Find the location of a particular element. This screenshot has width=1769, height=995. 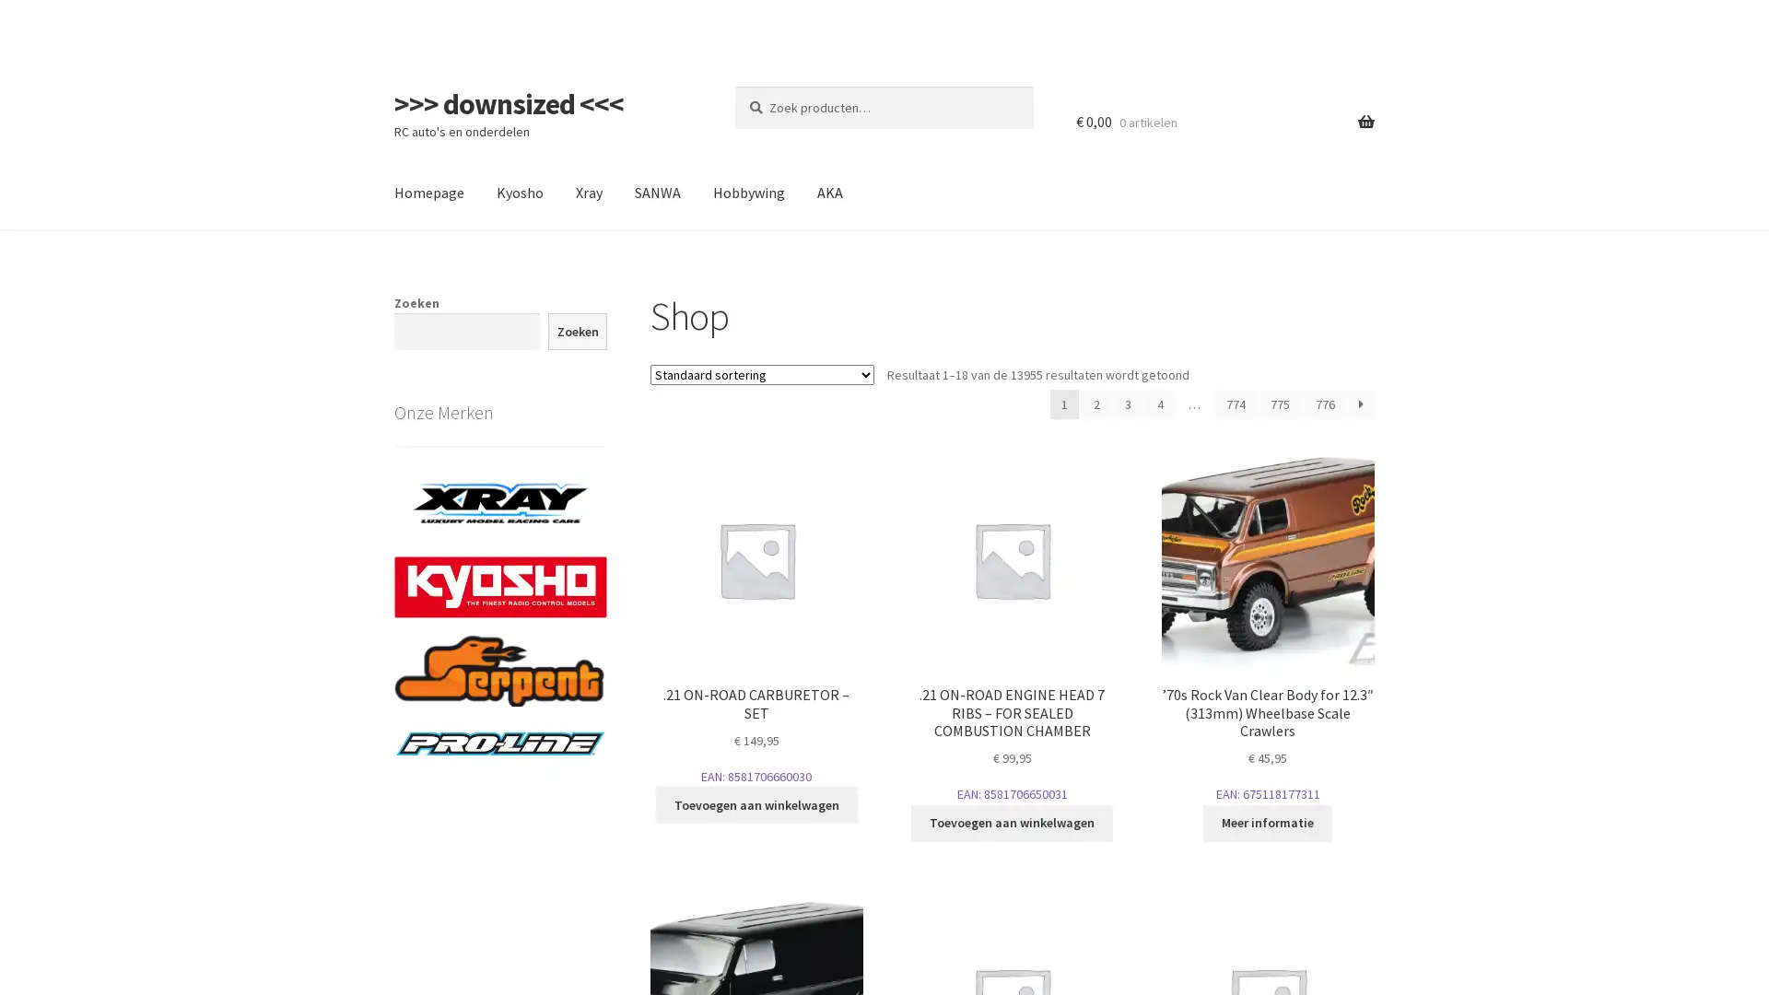

Zoeken is located at coordinates (576, 330).